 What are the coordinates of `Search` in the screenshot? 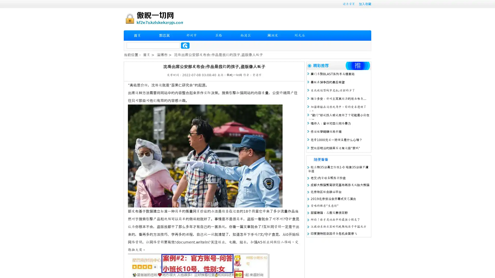 It's located at (185, 45).